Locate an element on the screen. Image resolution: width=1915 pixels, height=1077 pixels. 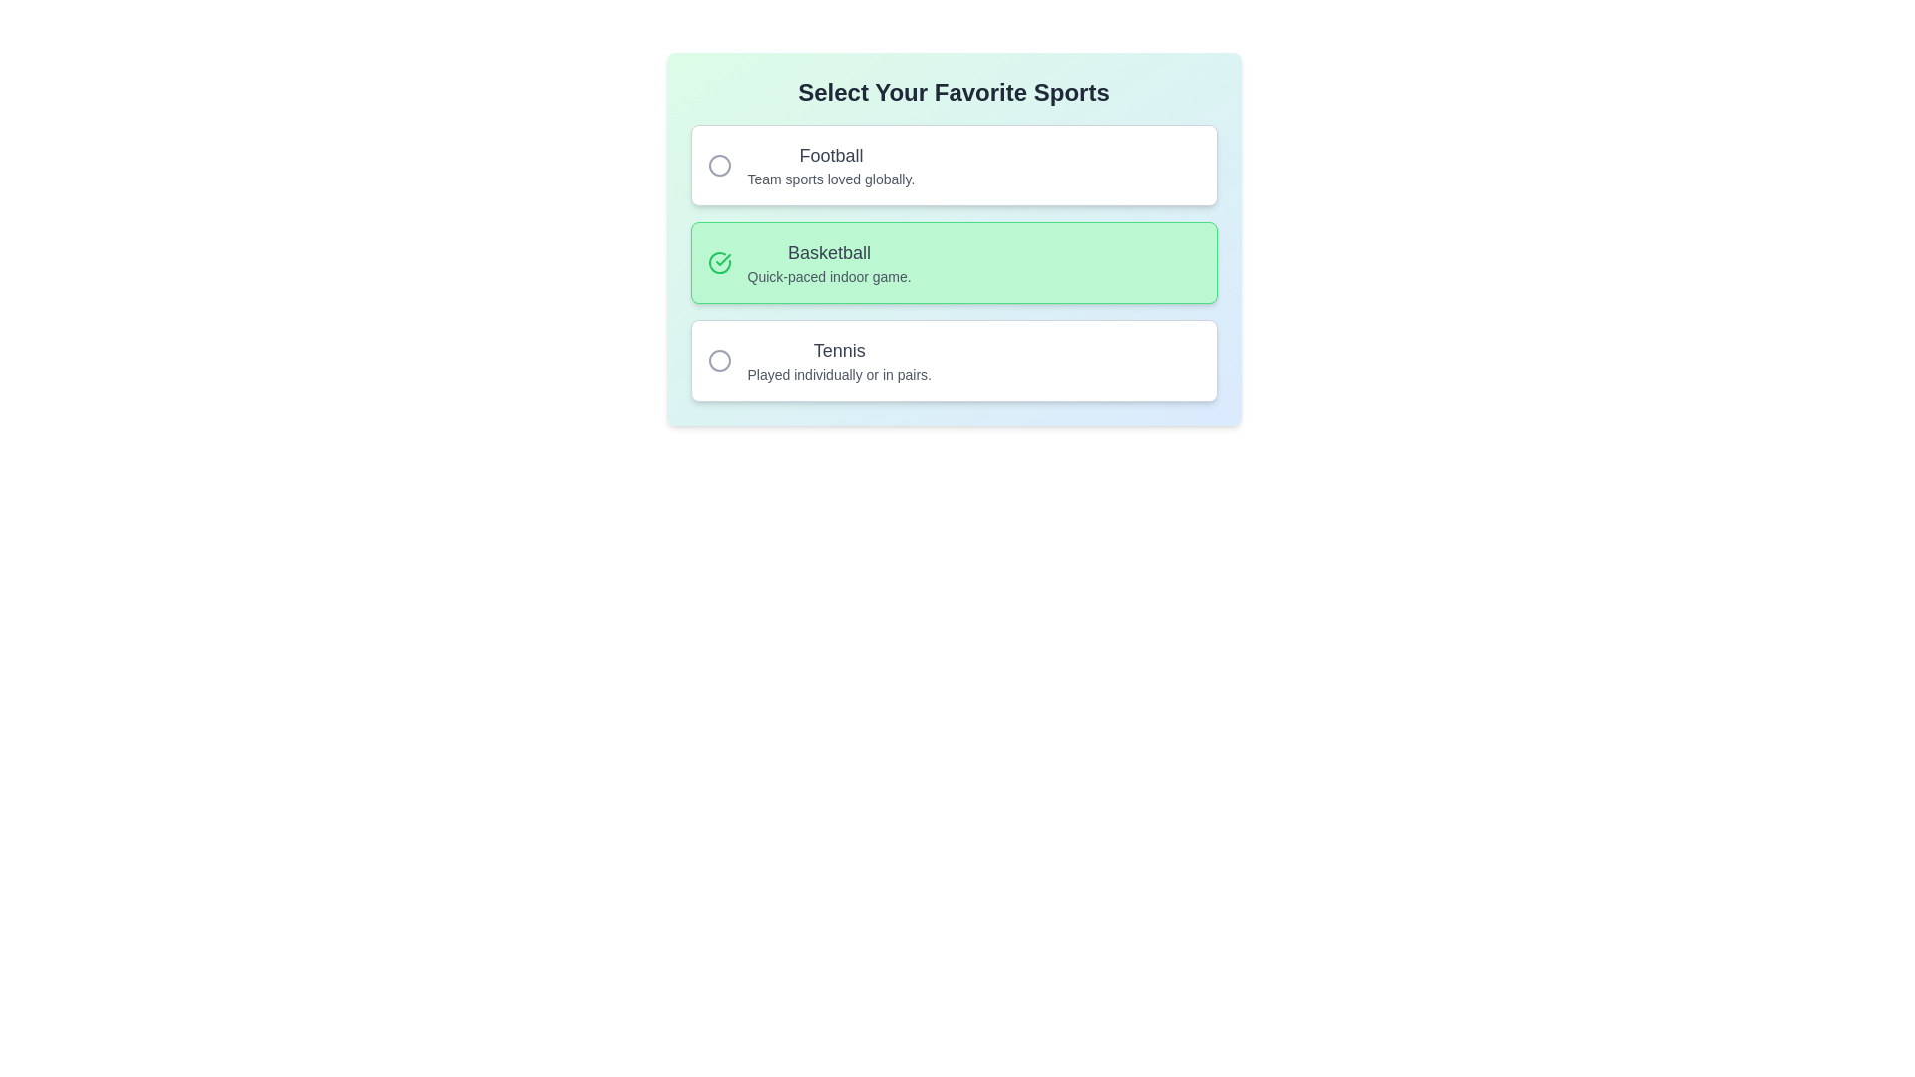
text displayed in the two-line text block that says 'Football' in bold dark gray and 'Team sports loved globally.' in a smaller light color, located beneath a circular radio button in the top option of the vertical list of sports is located at coordinates (831, 164).